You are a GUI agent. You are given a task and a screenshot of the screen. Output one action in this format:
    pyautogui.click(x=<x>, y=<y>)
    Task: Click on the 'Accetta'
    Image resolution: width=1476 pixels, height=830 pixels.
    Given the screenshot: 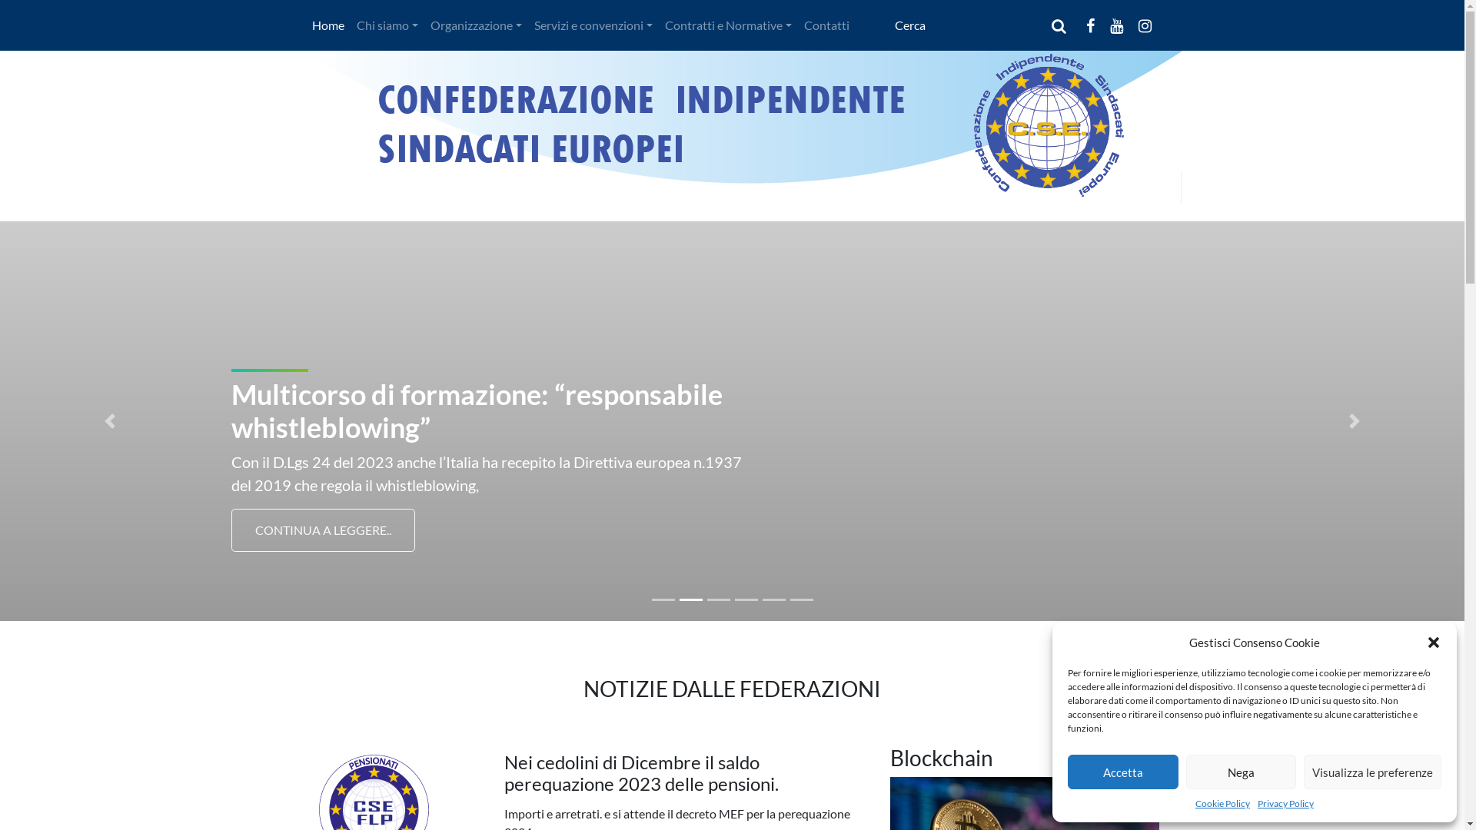 What is the action you would take?
    pyautogui.click(x=1122, y=772)
    